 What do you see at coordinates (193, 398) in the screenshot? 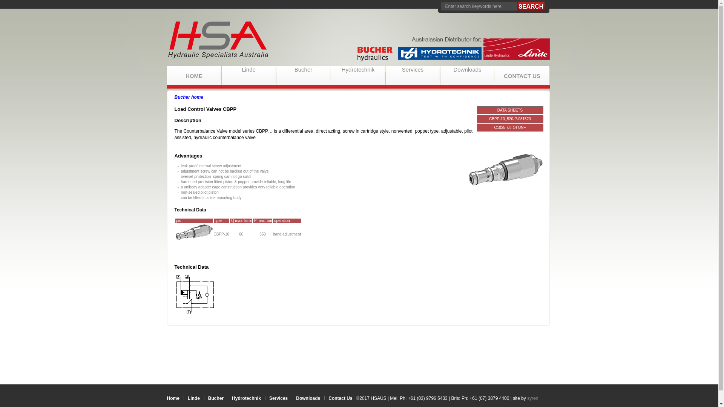
I see `'Linde'` at bounding box center [193, 398].